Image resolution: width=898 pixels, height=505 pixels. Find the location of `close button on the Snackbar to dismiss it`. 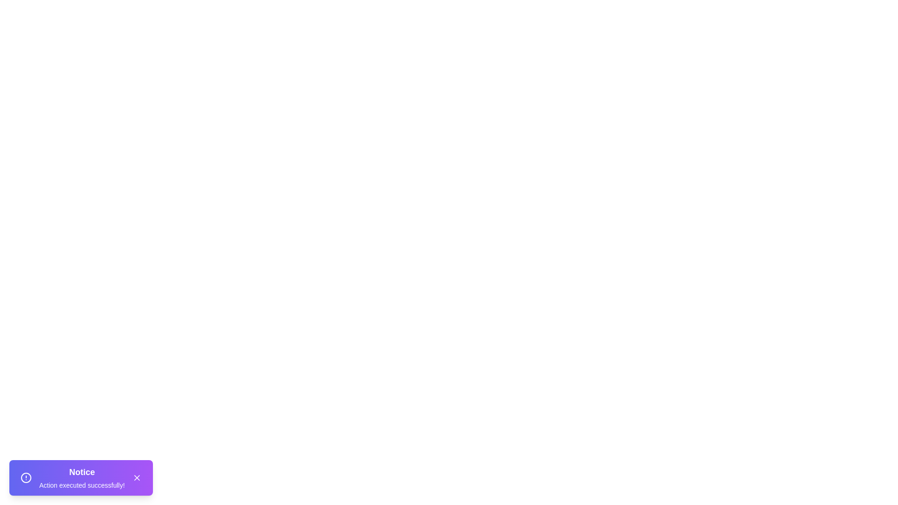

close button on the Snackbar to dismiss it is located at coordinates (136, 478).